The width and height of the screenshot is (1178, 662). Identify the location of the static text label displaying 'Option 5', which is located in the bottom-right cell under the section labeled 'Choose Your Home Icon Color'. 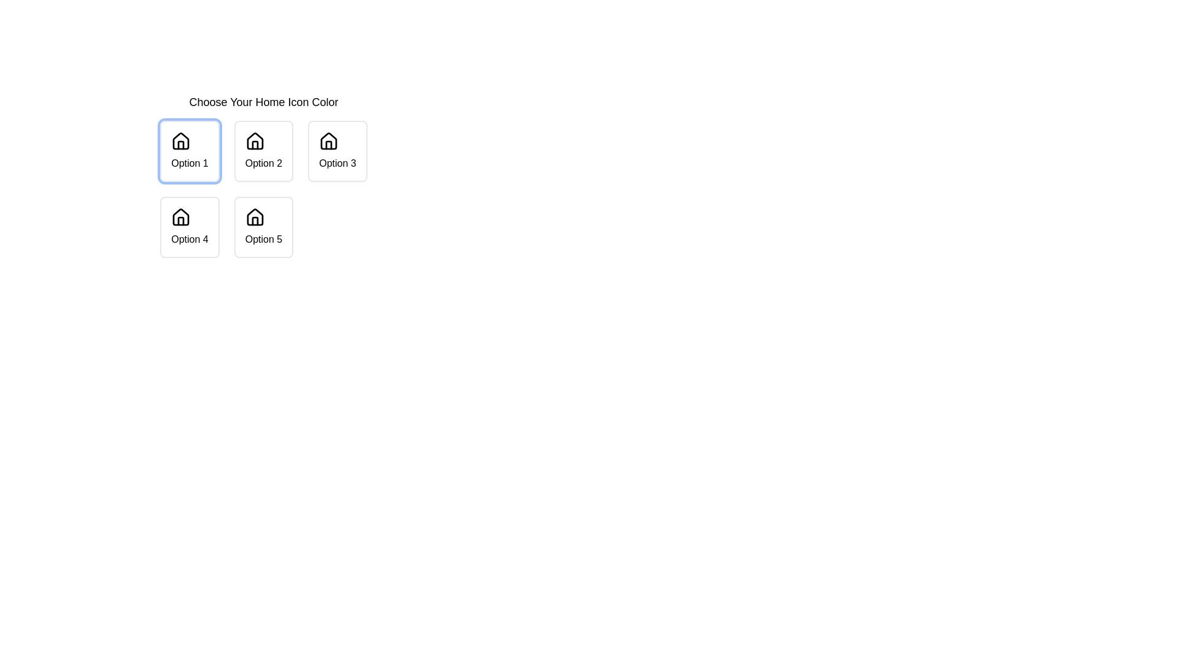
(263, 239).